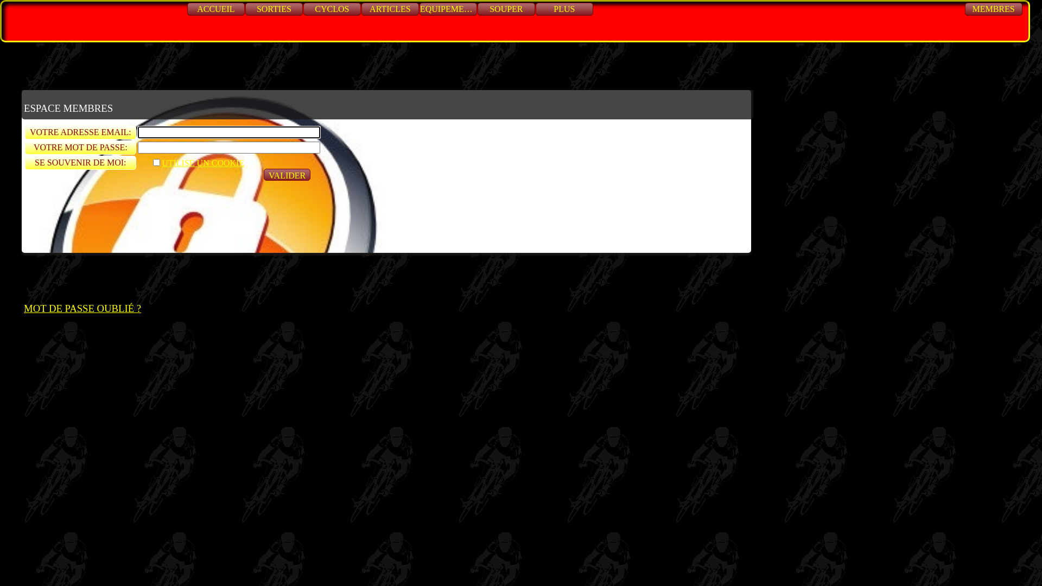 The height and width of the screenshot is (586, 1042). Describe the element at coordinates (150, 163) in the screenshot. I see `'UTILISE UN COOKIE'` at that location.